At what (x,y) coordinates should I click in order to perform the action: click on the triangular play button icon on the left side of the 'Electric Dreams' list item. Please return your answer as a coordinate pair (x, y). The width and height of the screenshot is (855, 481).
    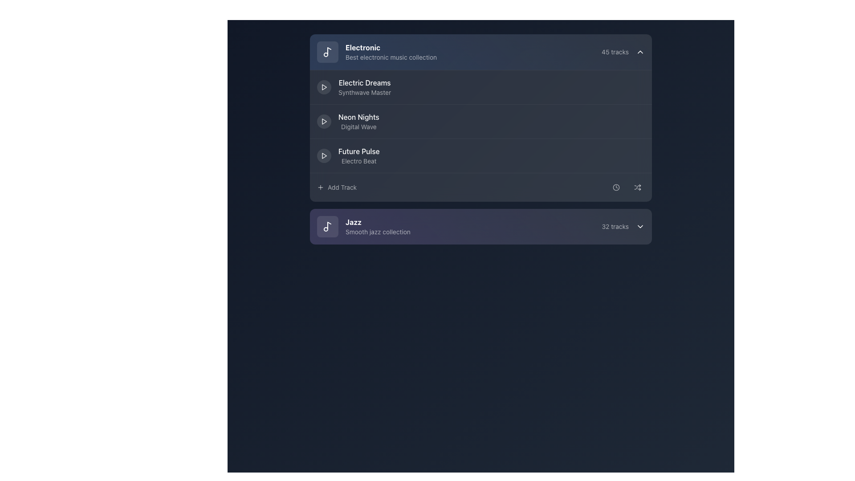
    Looking at the image, I should click on (324, 87).